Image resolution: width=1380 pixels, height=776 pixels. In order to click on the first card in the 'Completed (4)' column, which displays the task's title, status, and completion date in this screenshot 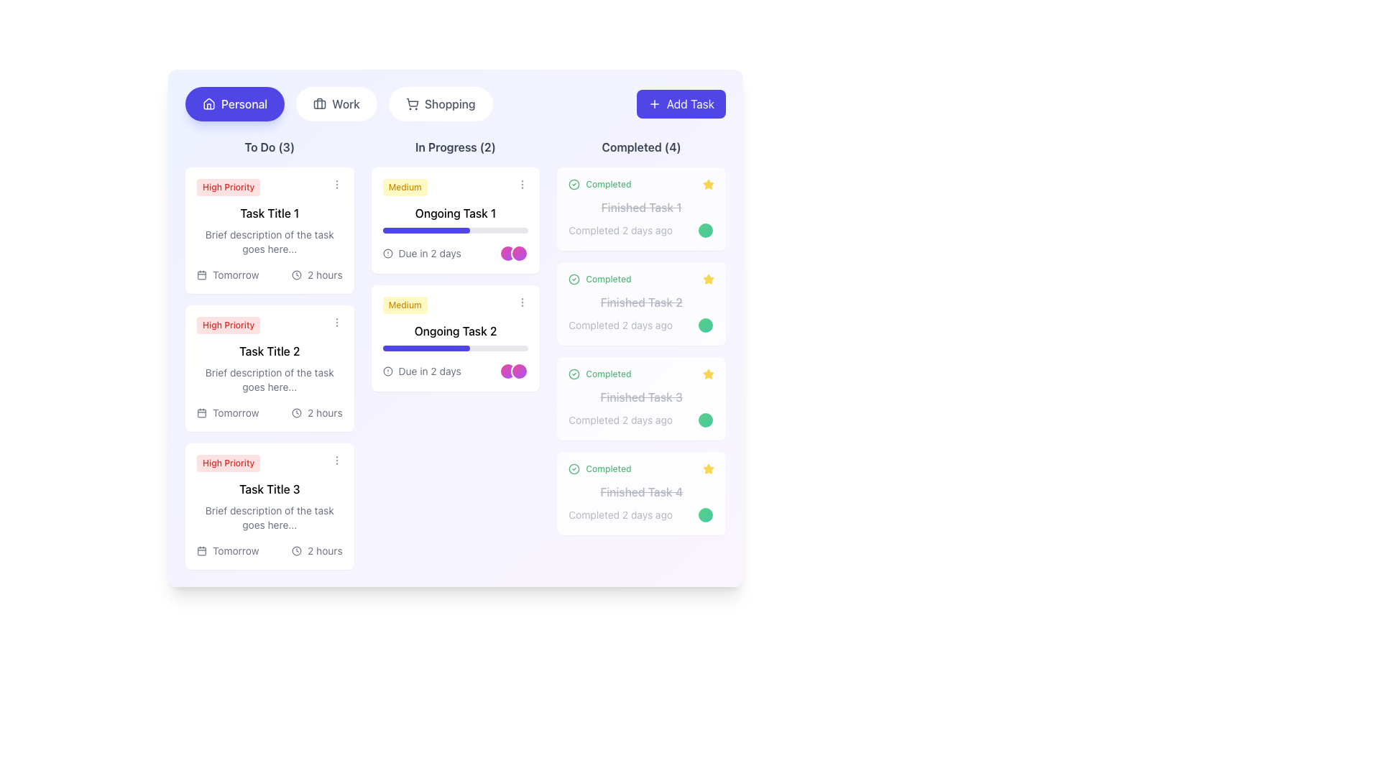, I will do `click(640, 208)`.